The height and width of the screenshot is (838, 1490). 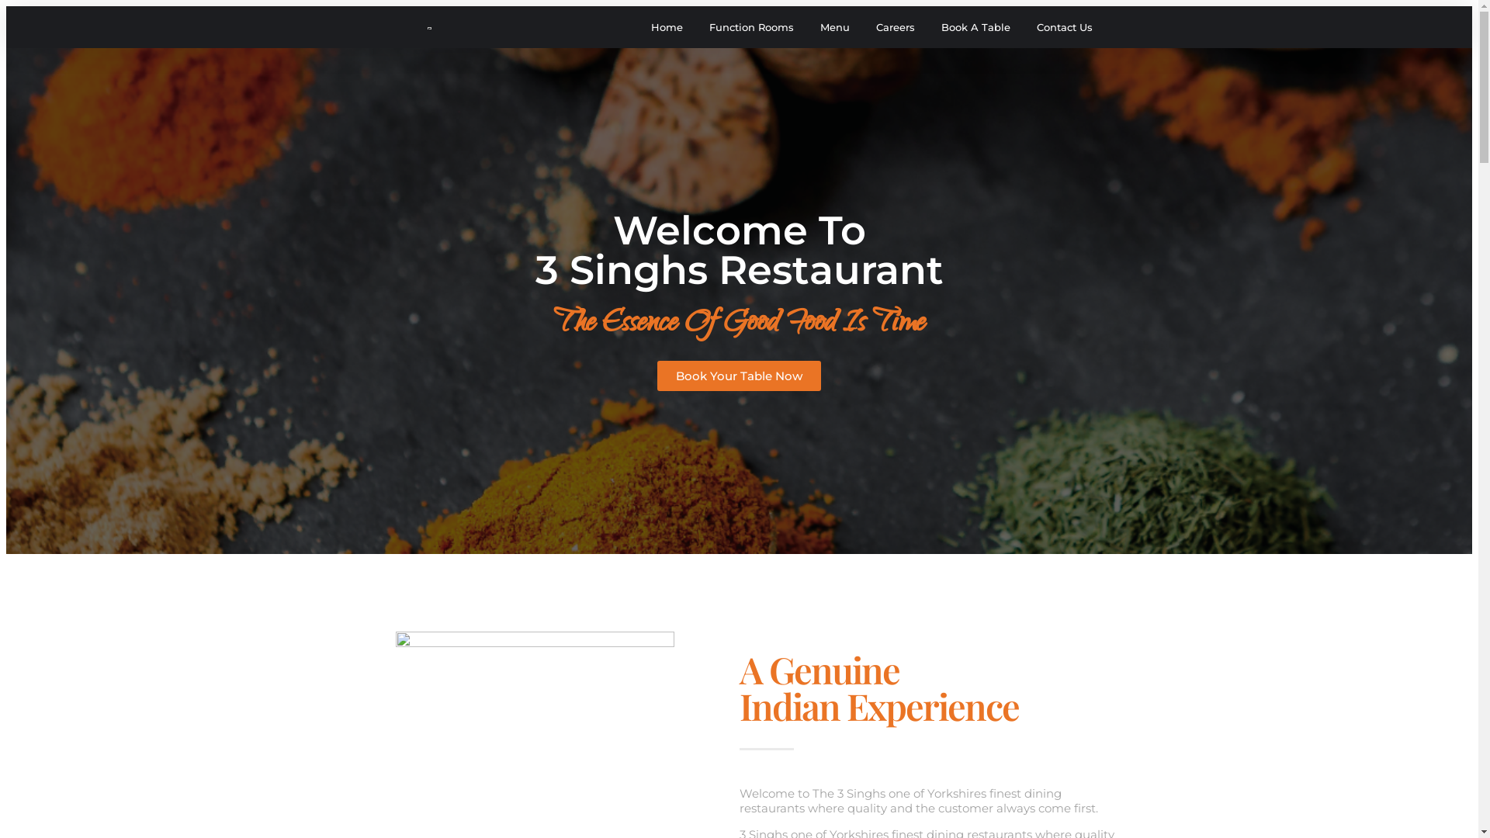 What do you see at coordinates (895, 26) in the screenshot?
I see `'Careers'` at bounding box center [895, 26].